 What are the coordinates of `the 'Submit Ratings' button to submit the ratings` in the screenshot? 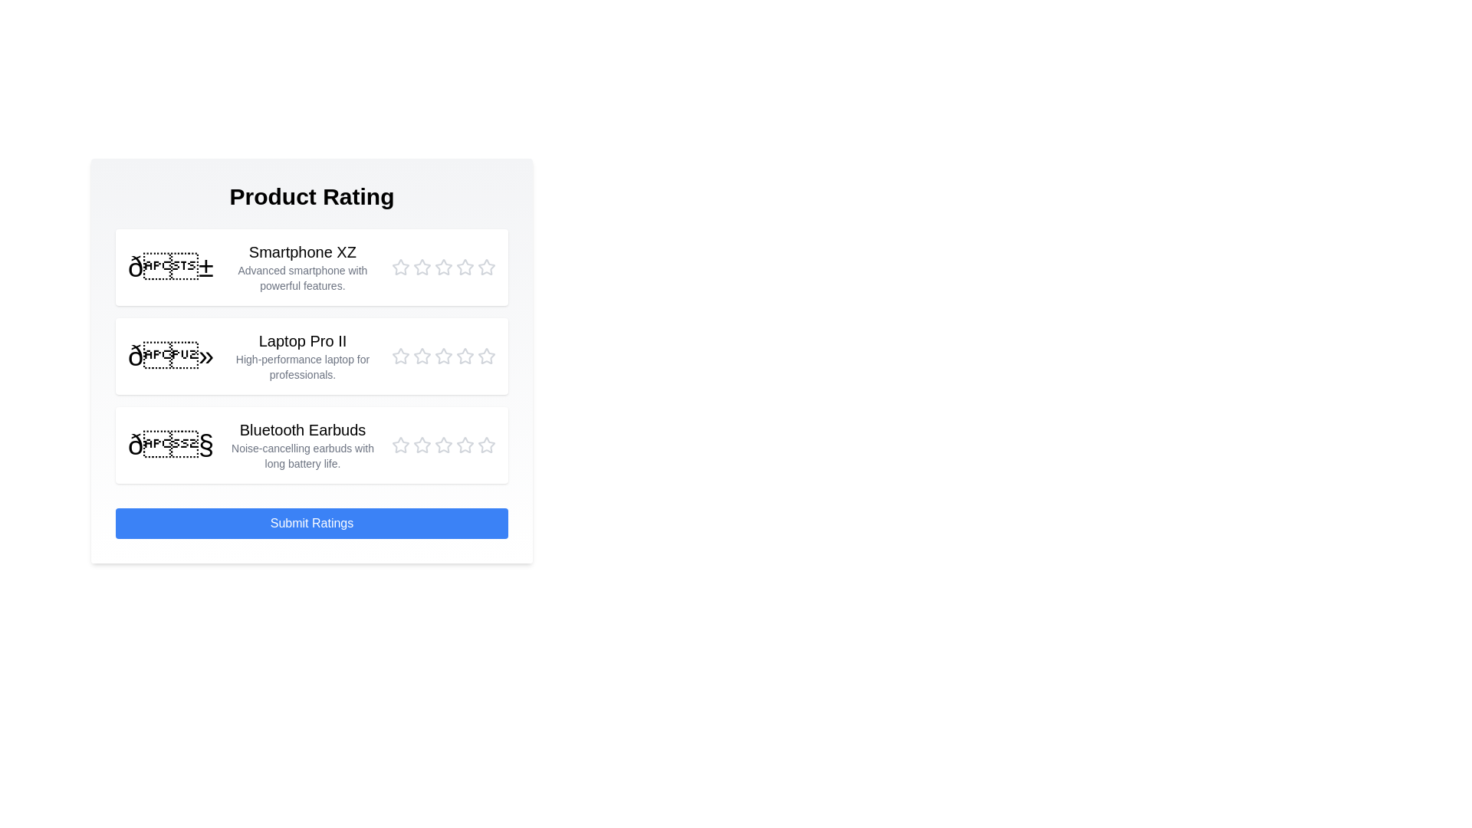 It's located at (311, 522).